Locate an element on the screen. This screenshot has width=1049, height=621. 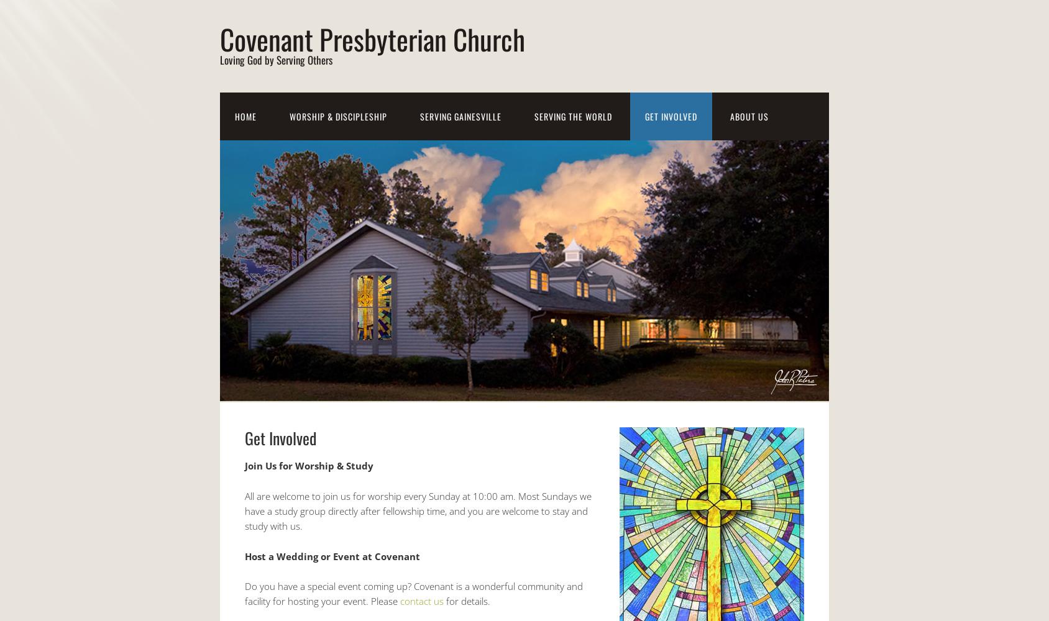
'Covenant Presbyterian Church' is located at coordinates (372, 39).